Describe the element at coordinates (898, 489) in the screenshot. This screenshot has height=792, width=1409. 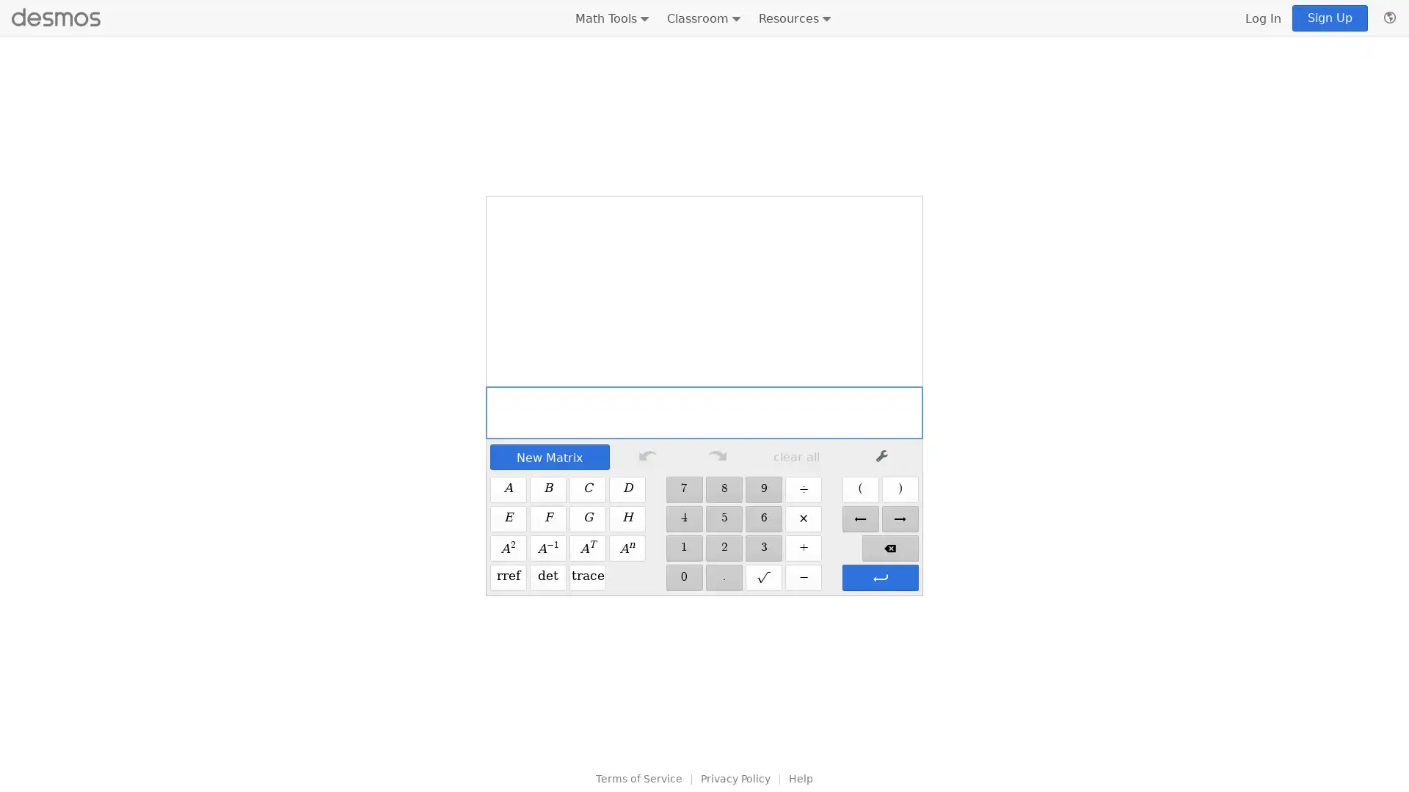
I see `Right Parenthesis` at that location.